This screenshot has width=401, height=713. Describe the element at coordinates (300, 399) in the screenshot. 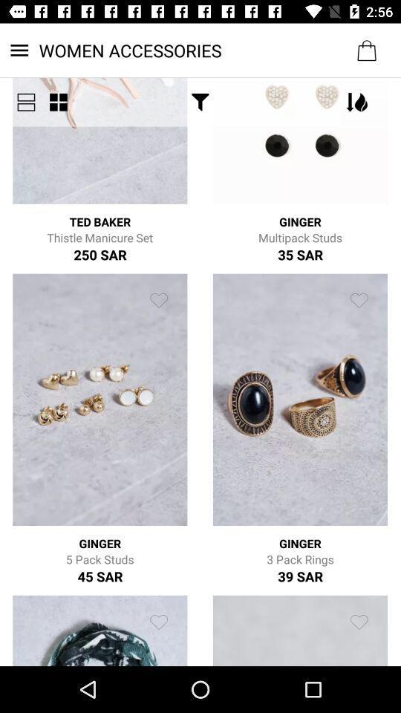

I see `the second image in the second row` at that location.